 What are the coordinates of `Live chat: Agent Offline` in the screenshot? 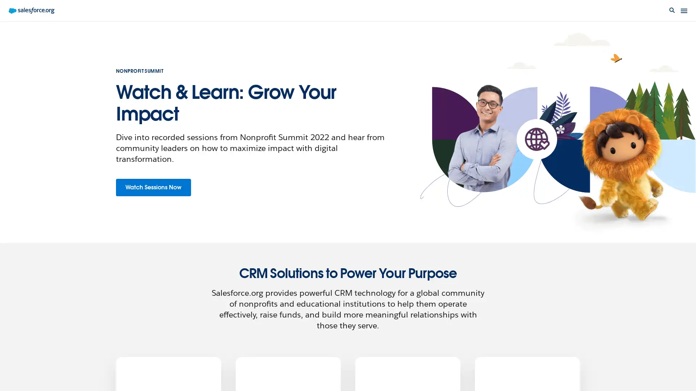 It's located at (662, 372).